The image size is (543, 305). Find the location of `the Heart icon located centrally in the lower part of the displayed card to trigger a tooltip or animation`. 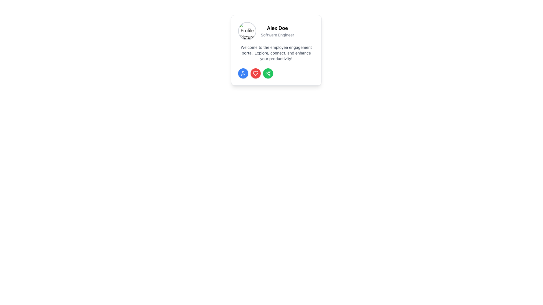

the Heart icon located centrally in the lower part of the displayed card to trigger a tooltip or animation is located at coordinates (255, 73).